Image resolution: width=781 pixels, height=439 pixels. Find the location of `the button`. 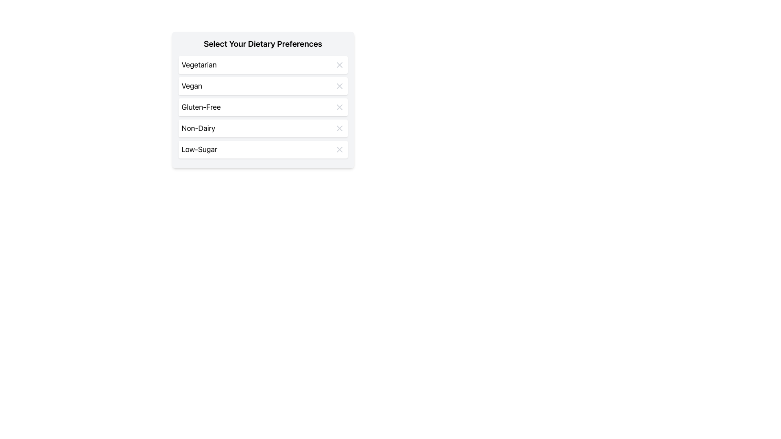

the button is located at coordinates (339, 149).